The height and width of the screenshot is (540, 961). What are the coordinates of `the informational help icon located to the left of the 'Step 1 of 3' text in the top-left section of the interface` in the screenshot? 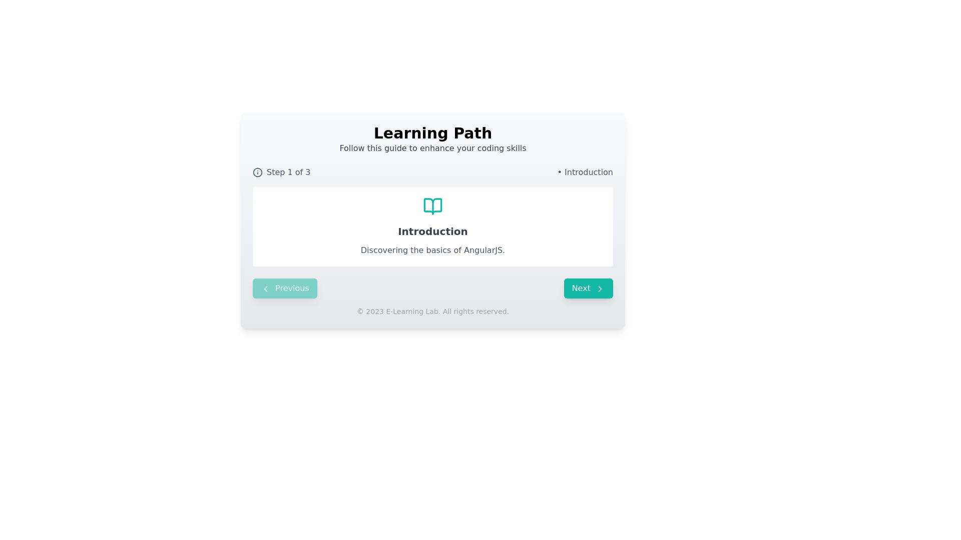 It's located at (257, 171).